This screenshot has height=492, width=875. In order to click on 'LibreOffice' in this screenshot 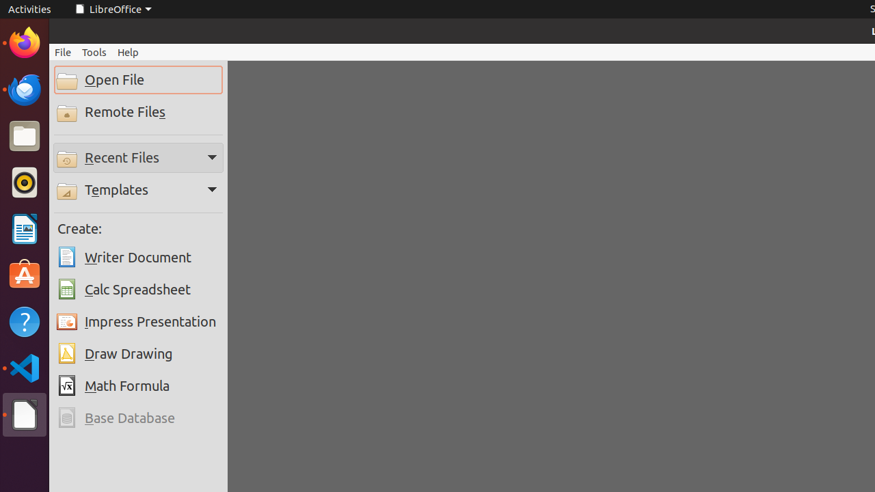, I will do `click(112, 9)`.